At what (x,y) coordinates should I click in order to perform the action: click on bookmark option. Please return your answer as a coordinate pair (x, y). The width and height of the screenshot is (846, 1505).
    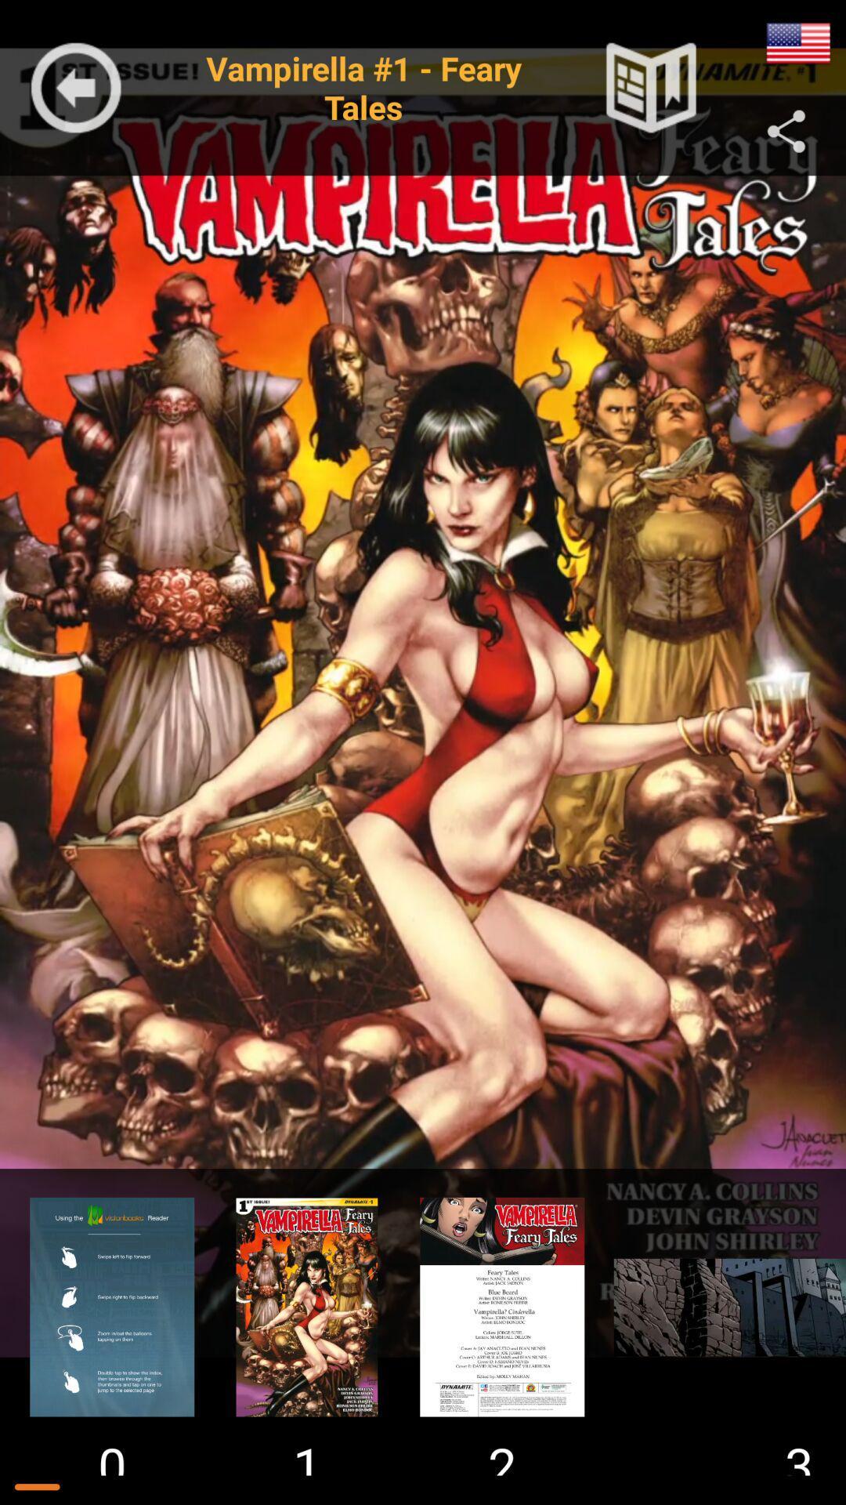
    Looking at the image, I should click on (651, 87).